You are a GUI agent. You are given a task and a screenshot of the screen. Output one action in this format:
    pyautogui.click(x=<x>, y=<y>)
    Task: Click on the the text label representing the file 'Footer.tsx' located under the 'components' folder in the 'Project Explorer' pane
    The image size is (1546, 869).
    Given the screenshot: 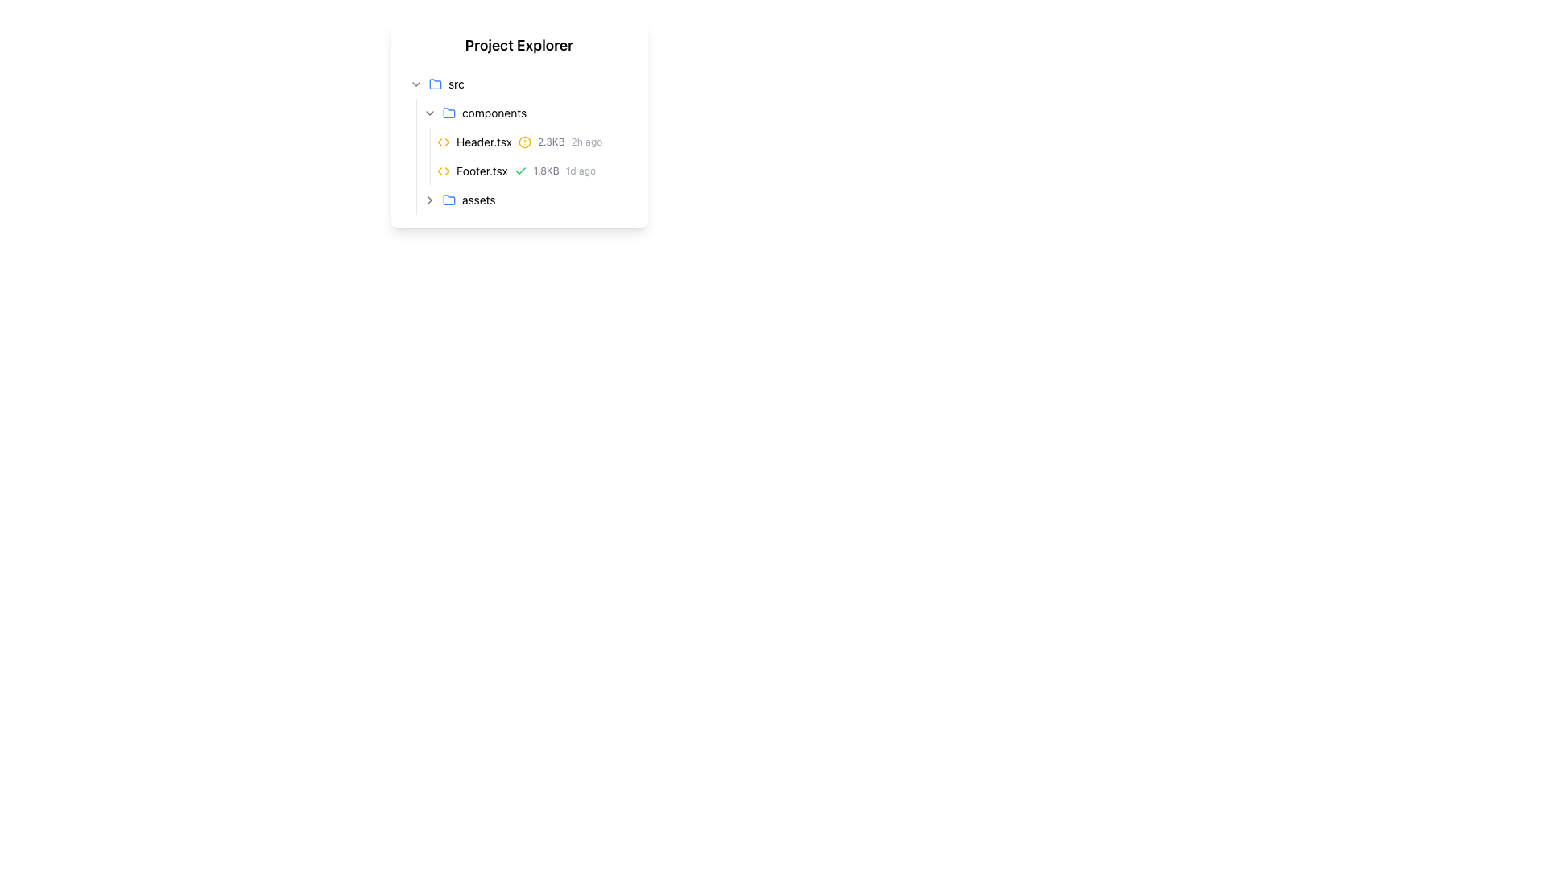 What is the action you would take?
    pyautogui.click(x=481, y=171)
    